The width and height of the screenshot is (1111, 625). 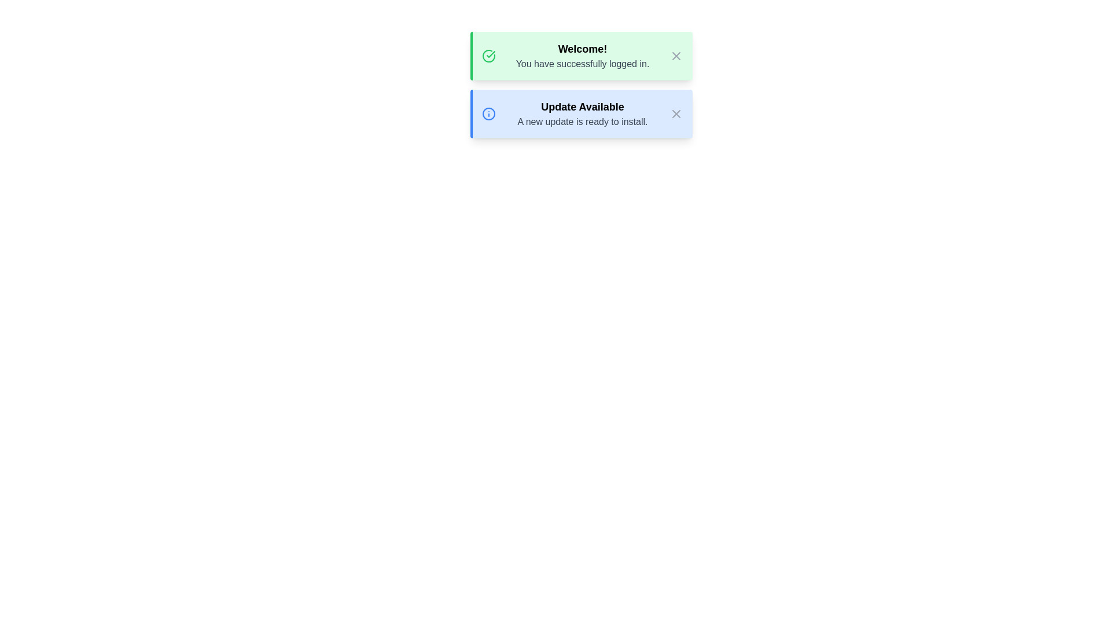 What do you see at coordinates (676, 113) in the screenshot?
I see `the 'X' button in the top-right corner of the 'Update Available' notification` at bounding box center [676, 113].